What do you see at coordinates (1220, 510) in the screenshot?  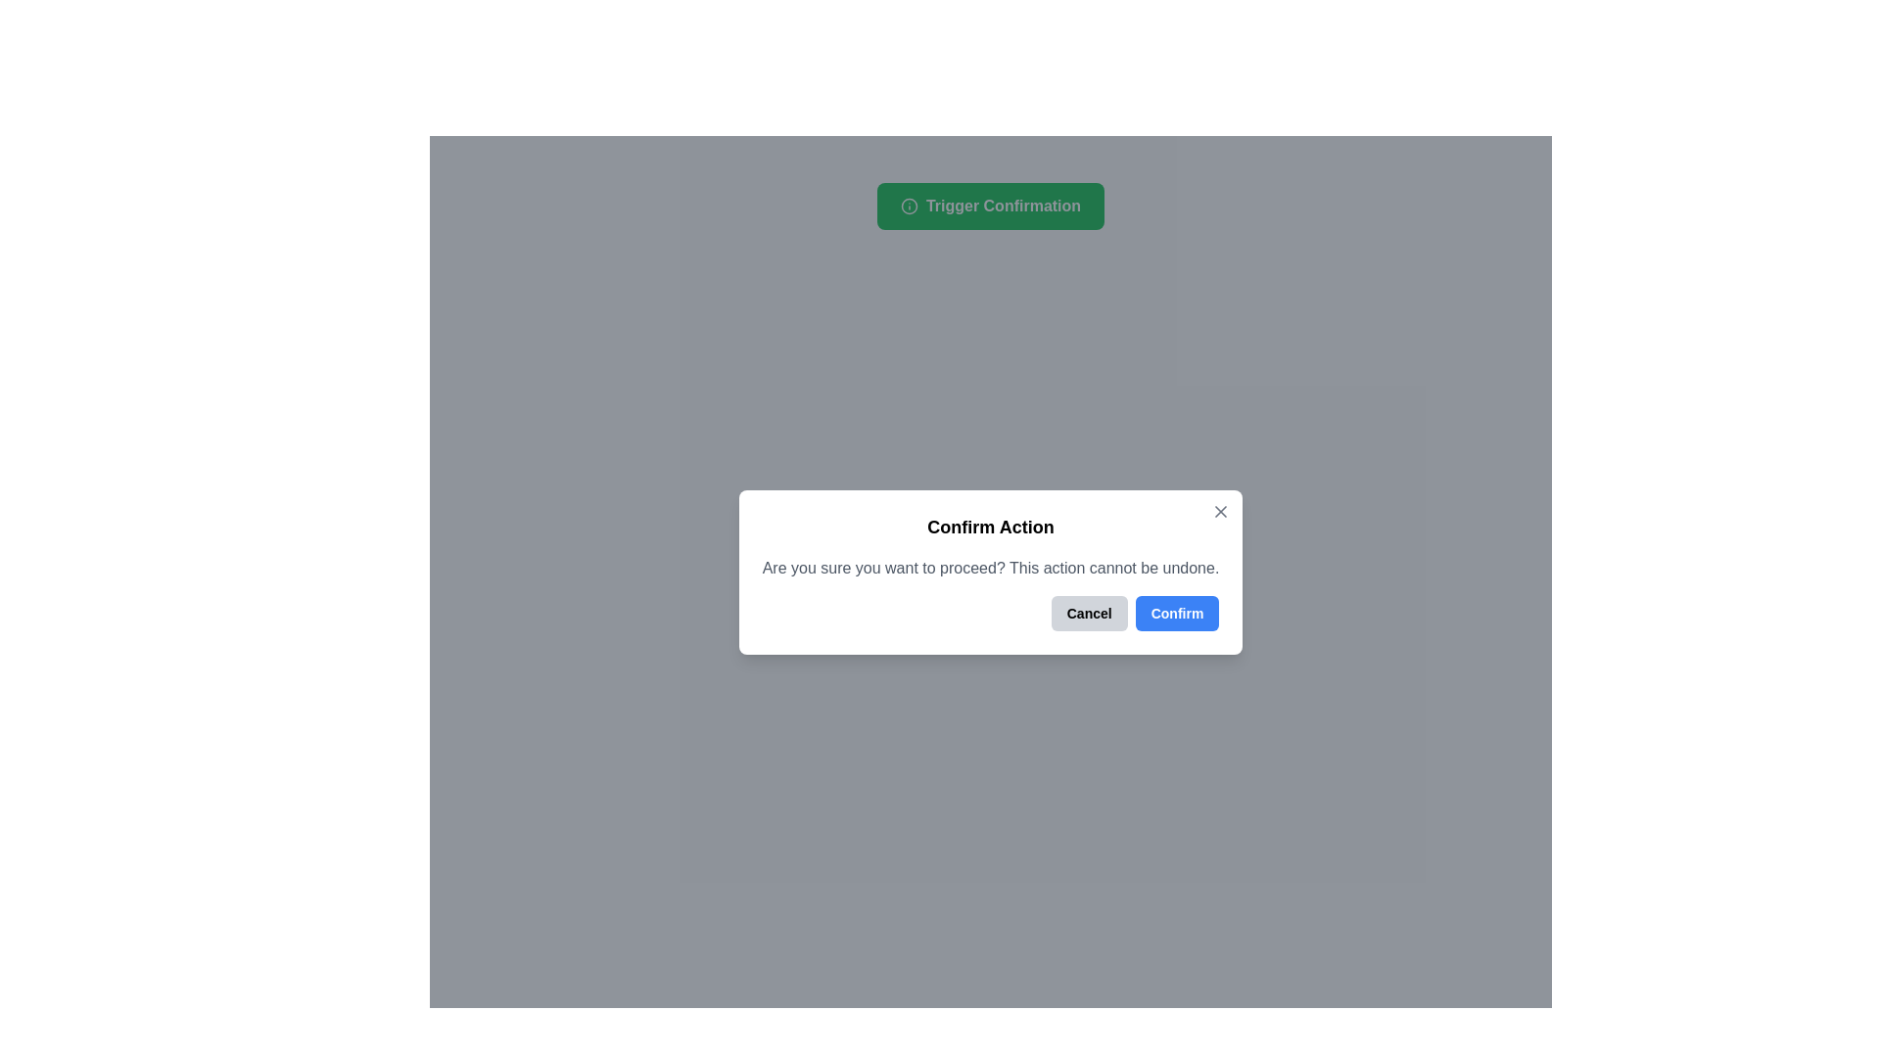 I see `the 'X' icon in the top-right corner of the modal dialog` at bounding box center [1220, 510].